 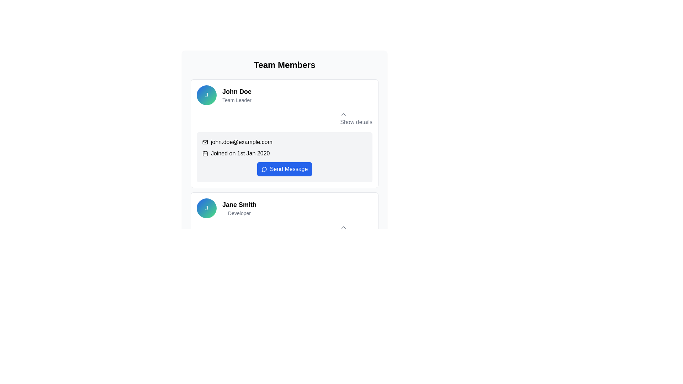 What do you see at coordinates (239, 204) in the screenshot?
I see `the Text Display element that shows the name 'Jane Smith' in bold text, which is located next to a circular profile picture with the letter 'J' inside` at bounding box center [239, 204].